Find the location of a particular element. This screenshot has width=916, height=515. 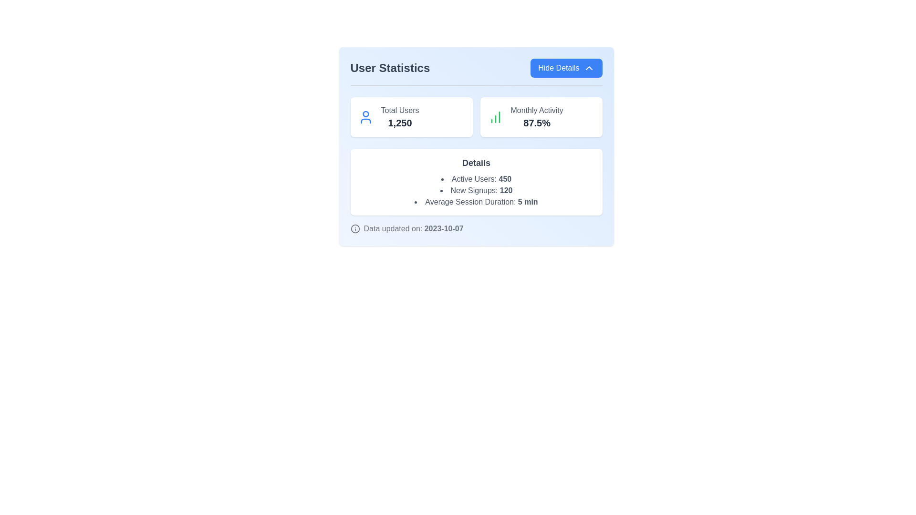

the text label that indicates the context for the '87.5%' statistic located in the upper-right portion of the statistics panel is located at coordinates (537, 110).